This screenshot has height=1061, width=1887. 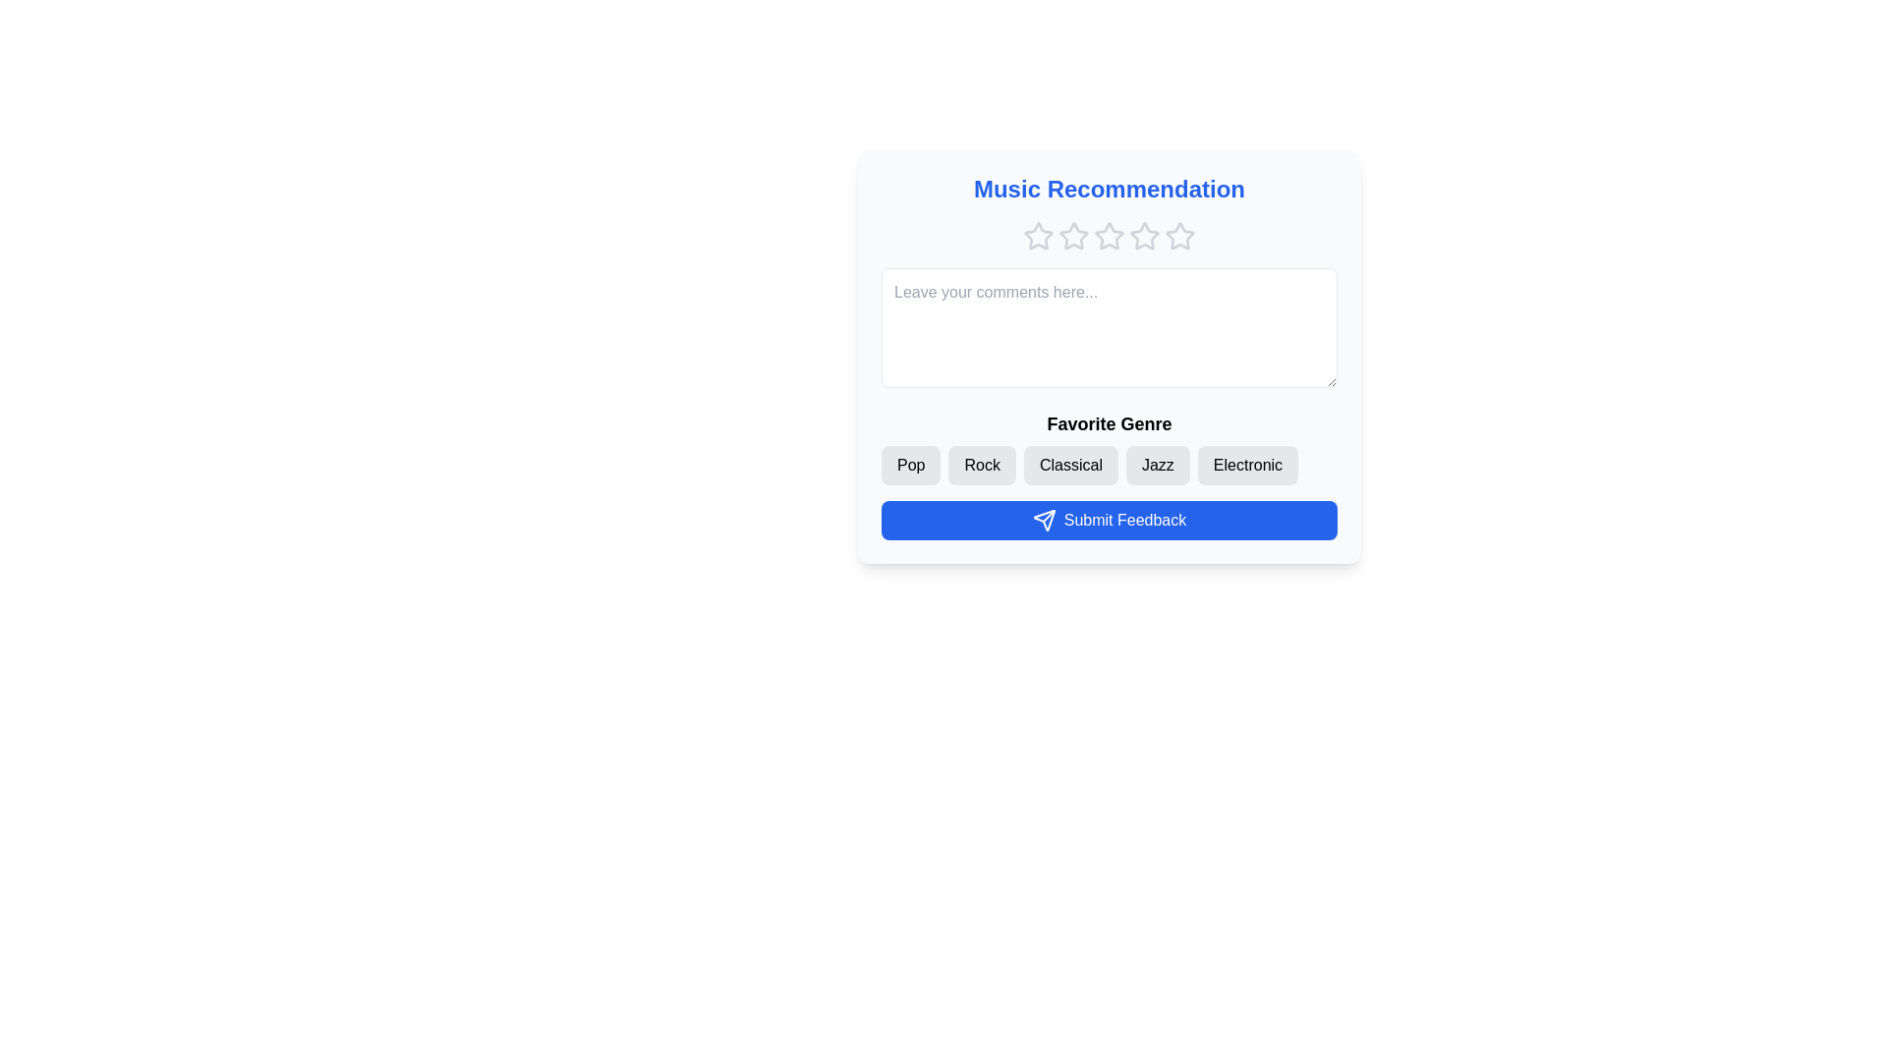 I want to click on the second star-shaped icon with a gray outline, so click(x=1109, y=234).